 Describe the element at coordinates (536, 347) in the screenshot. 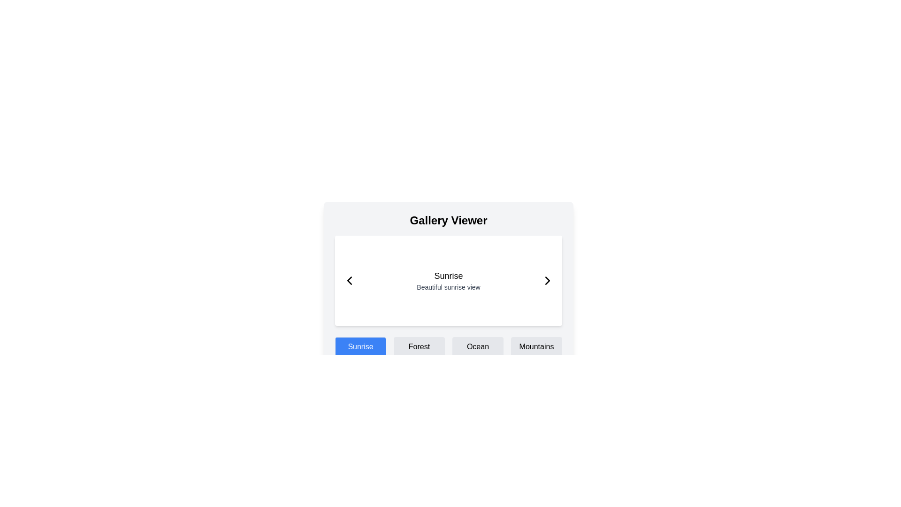

I see `the 'Mountains' button in the gallery section` at that location.